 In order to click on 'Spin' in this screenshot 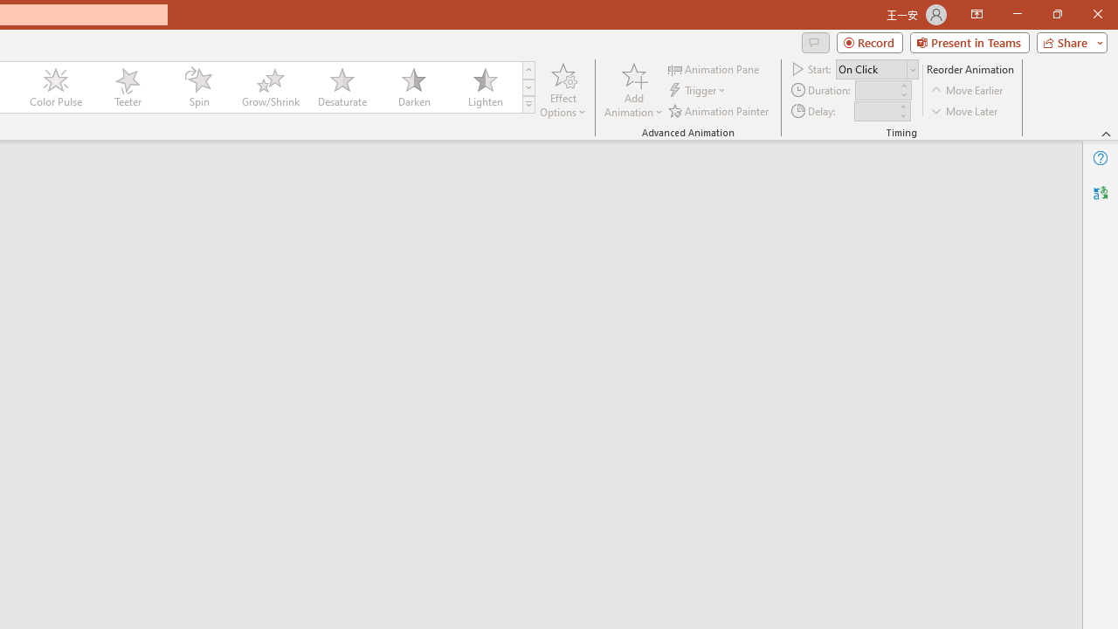, I will do `click(198, 87)`.